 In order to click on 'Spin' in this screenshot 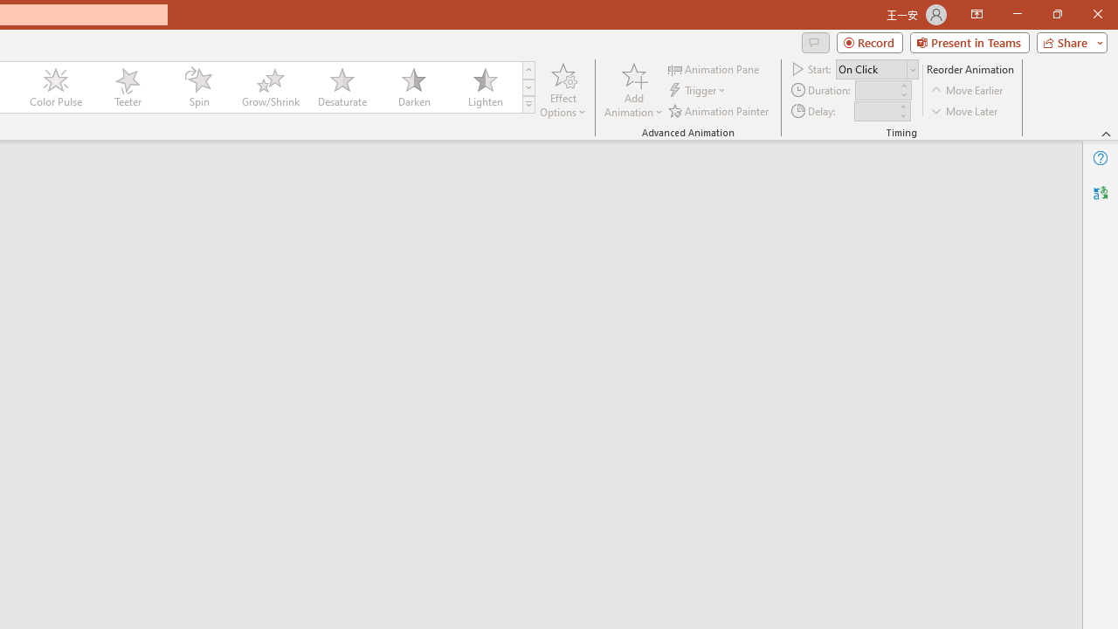, I will do `click(198, 87)`.